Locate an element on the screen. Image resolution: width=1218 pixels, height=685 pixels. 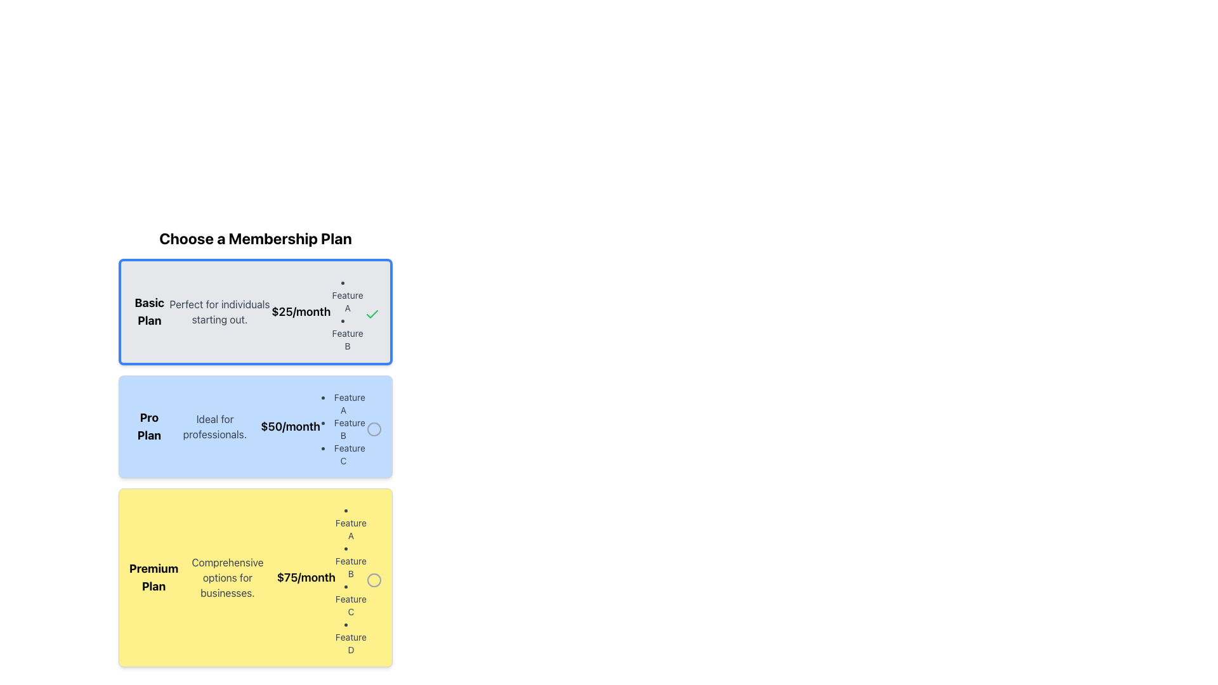
the text label displaying 'Feature A' which is part of the 'Pro Plan' section, located in a bulleted list is located at coordinates (343, 403).